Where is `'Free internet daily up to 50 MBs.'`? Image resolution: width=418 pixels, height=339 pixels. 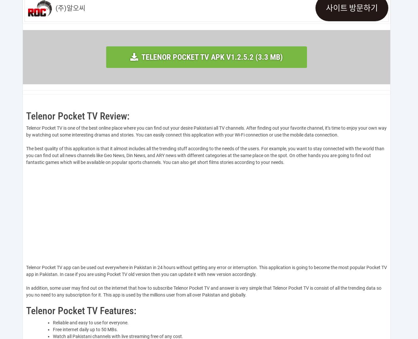
'Free internet daily up to 50 MBs.' is located at coordinates (85, 330).